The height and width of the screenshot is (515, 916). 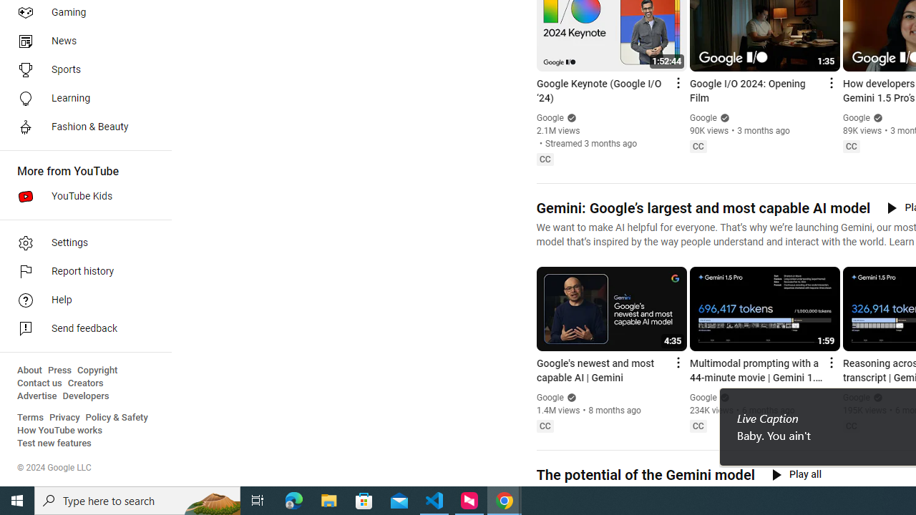 I want to click on 'Creators', so click(x=84, y=383).